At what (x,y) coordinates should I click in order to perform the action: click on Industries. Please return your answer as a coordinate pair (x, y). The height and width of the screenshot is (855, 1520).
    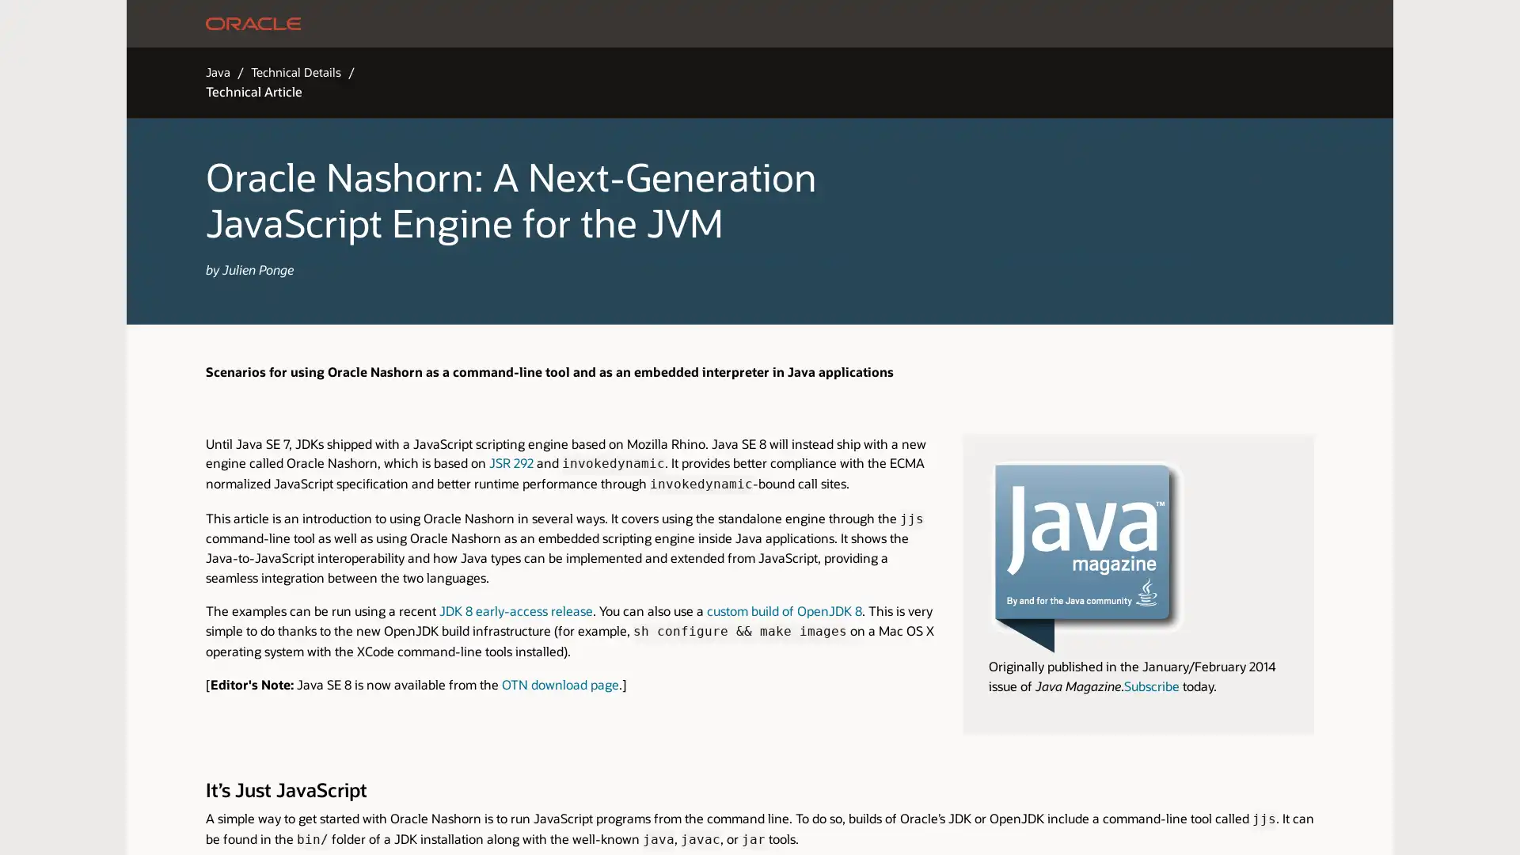
    Looking at the image, I should click on (528, 23).